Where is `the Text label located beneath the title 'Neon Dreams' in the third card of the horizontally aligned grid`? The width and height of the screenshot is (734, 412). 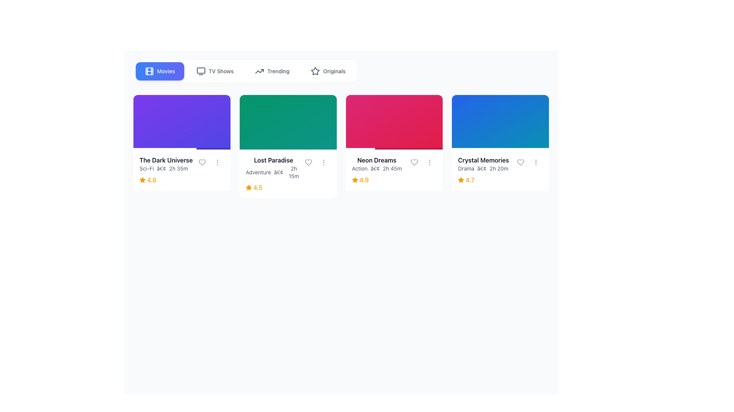 the Text label located beneath the title 'Neon Dreams' in the third card of the horizontally aligned grid is located at coordinates (377, 168).